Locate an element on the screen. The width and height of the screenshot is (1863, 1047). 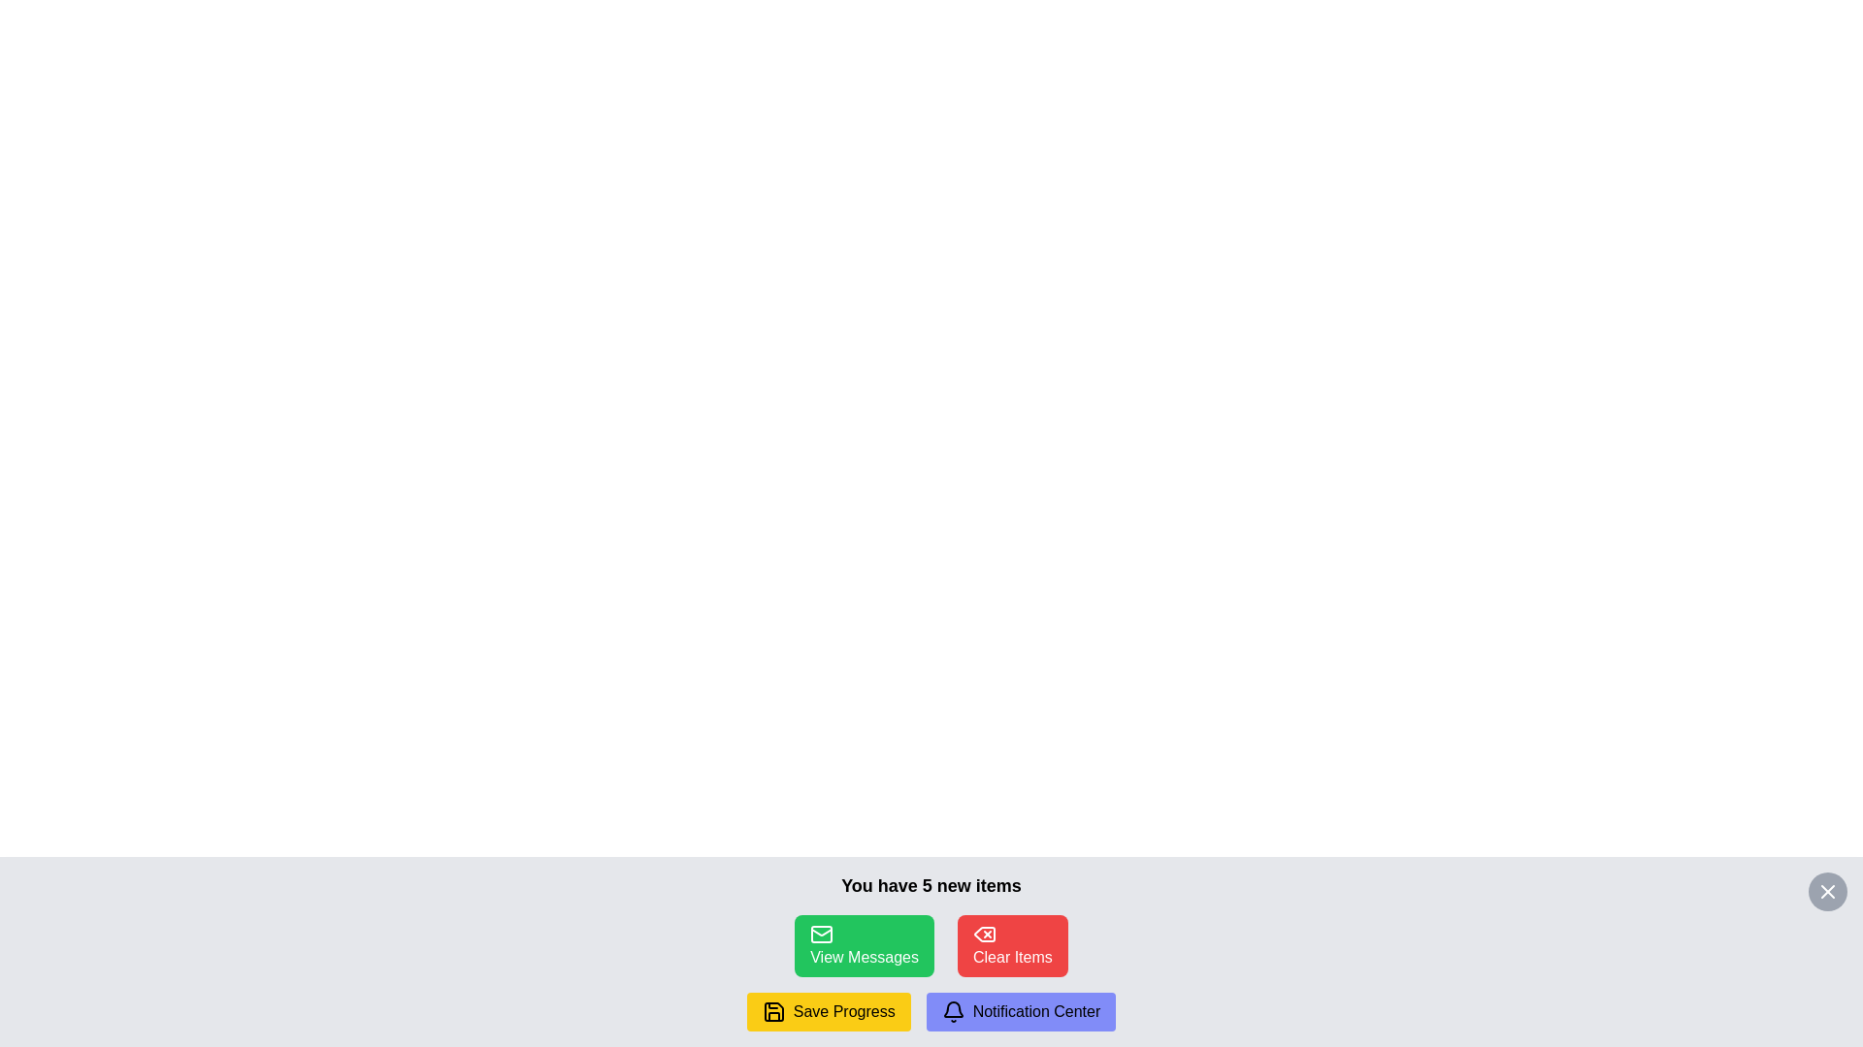
the green rectangular button labeled 'View Messages' with an envelope icon to observe the styling changes is located at coordinates (864, 944).